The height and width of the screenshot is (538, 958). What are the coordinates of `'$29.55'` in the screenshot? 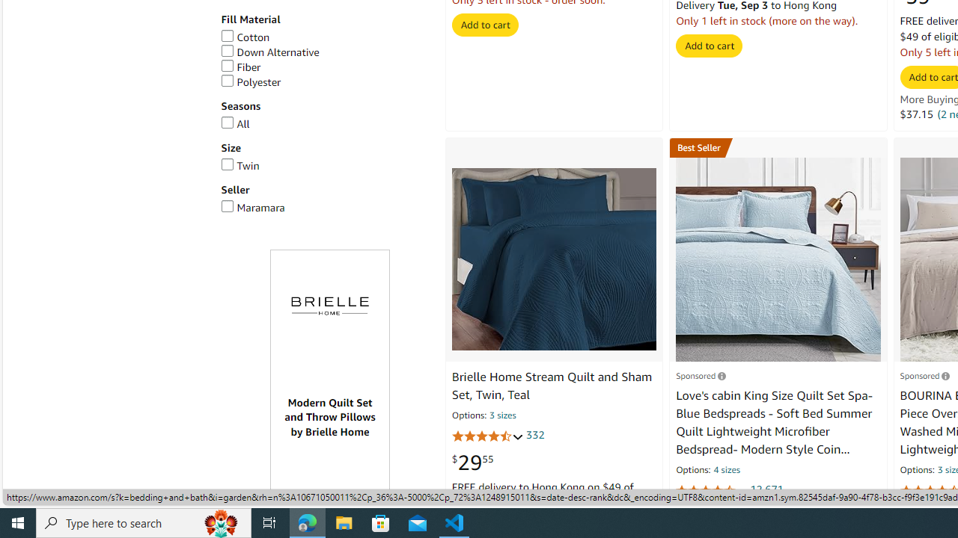 It's located at (472, 462).